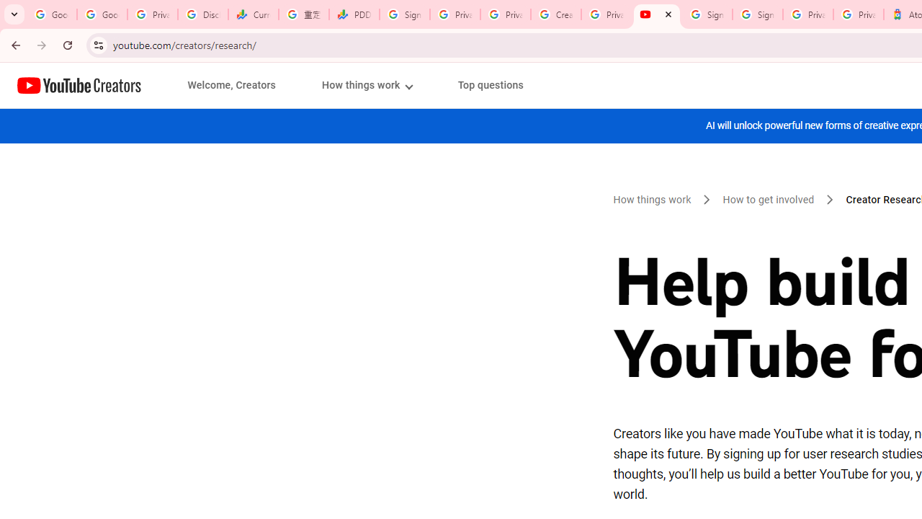 The width and height of the screenshot is (922, 519). Describe the element at coordinates (707, 14) in the screenshot. I see `'Sign in - Google Accounts'` at that location.